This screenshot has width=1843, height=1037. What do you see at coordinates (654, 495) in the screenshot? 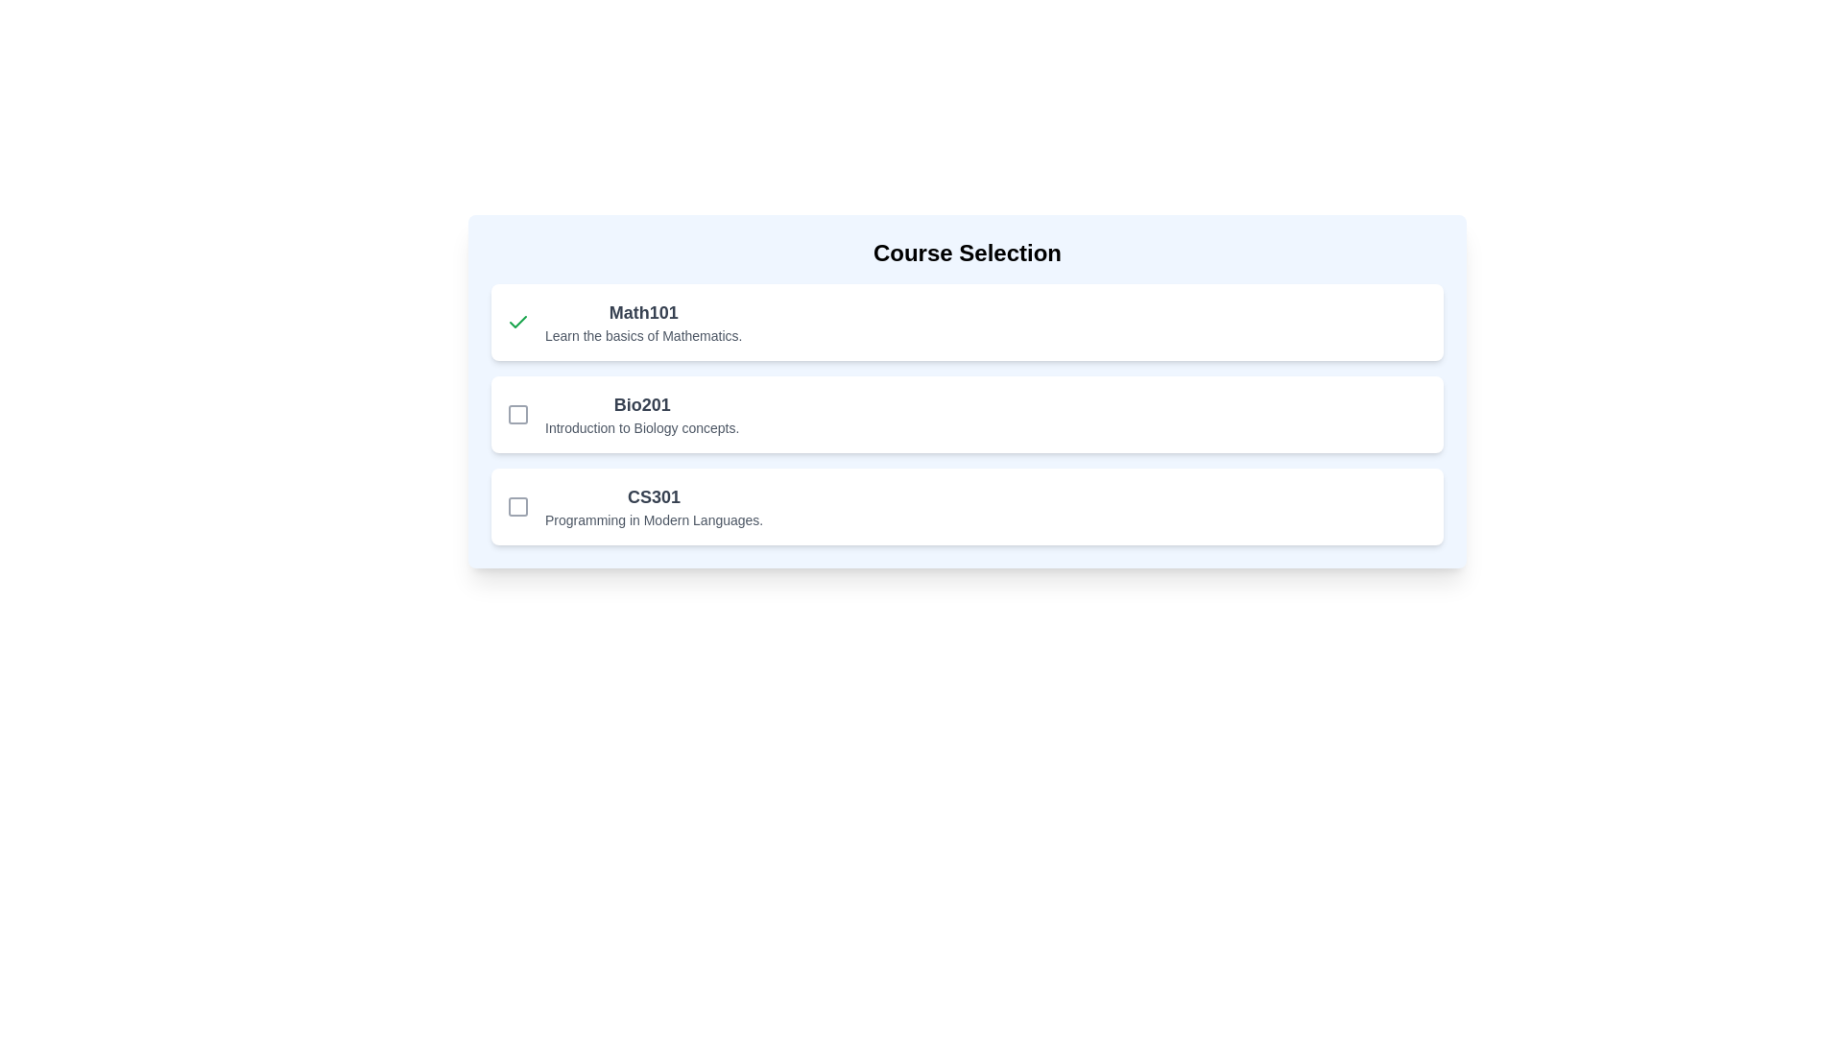
I see `the text label representing the course title 'CS301 Programming in Modern Languages' in the course selection interface` at bounding box center [654, 495].